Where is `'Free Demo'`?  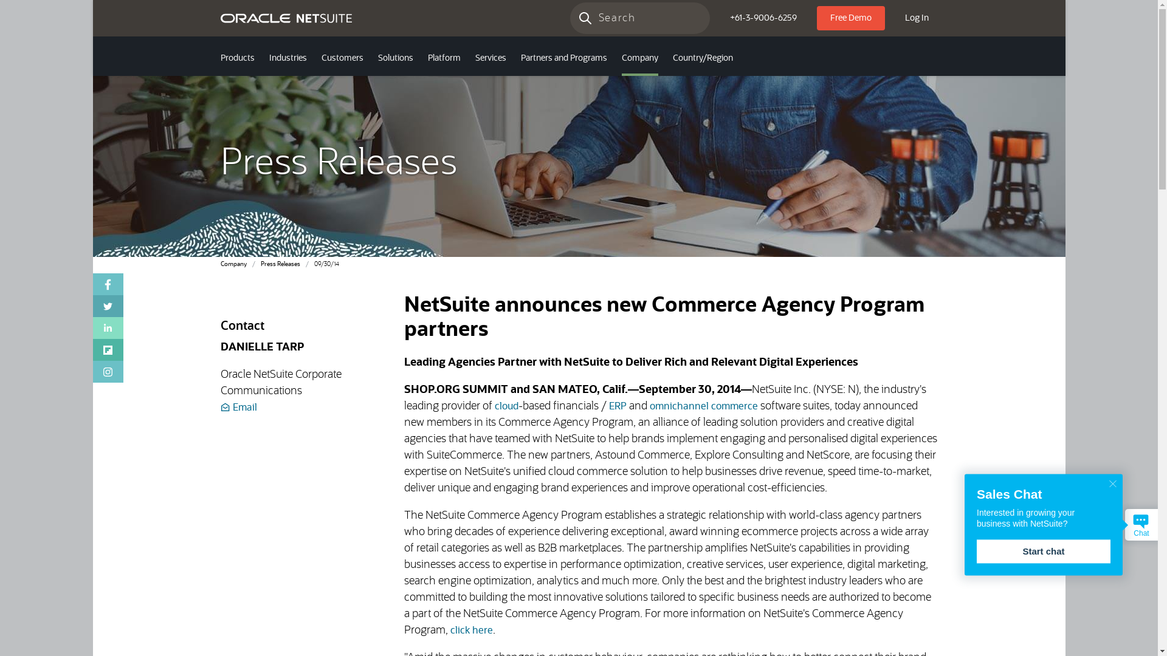 'Free Demo' is located at coordinates (817, 18).